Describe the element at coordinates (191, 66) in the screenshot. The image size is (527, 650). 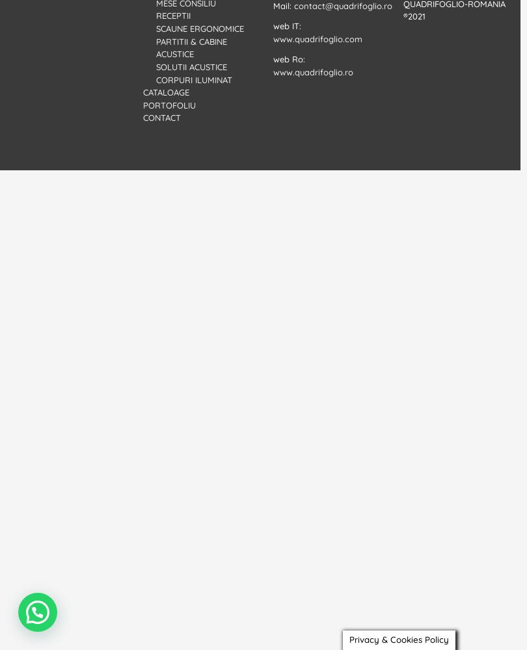
I see `'SOLUTII ACUSTICE'` at that location.